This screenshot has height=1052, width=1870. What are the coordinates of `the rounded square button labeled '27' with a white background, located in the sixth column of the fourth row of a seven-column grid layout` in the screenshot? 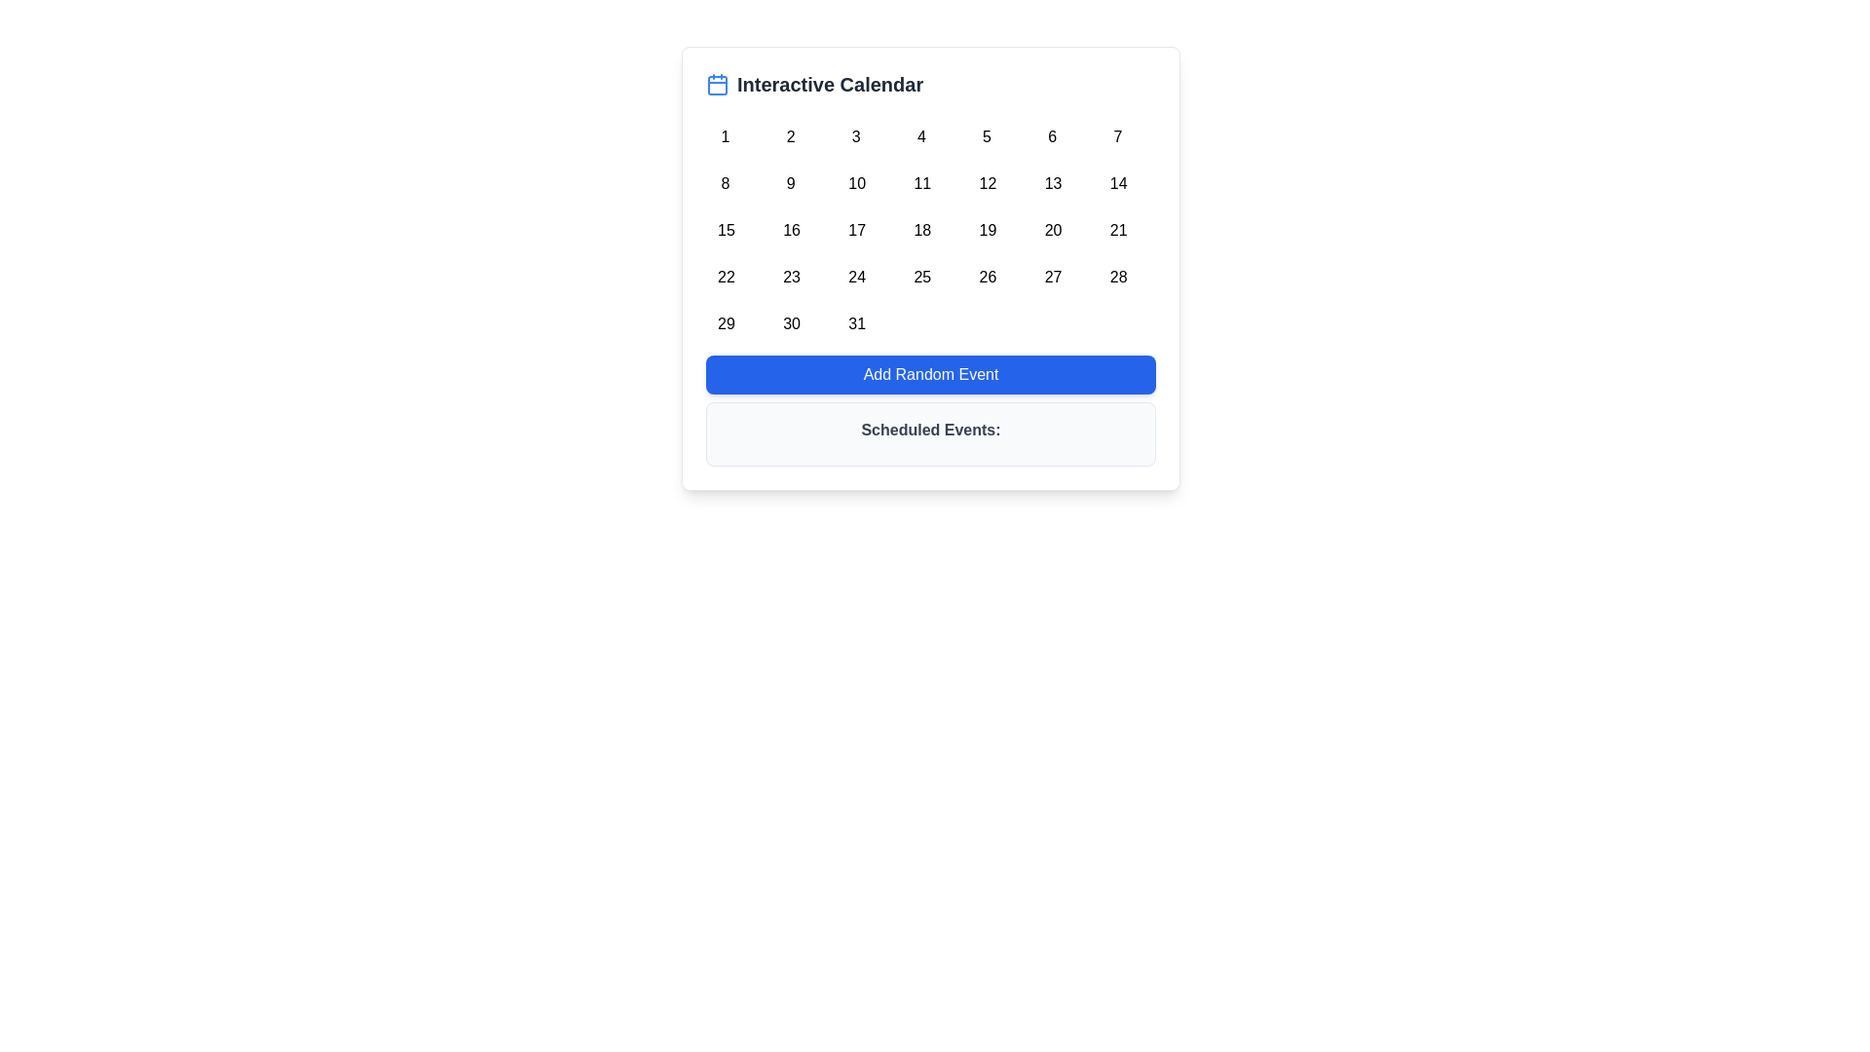 It's located at (1051, 274).